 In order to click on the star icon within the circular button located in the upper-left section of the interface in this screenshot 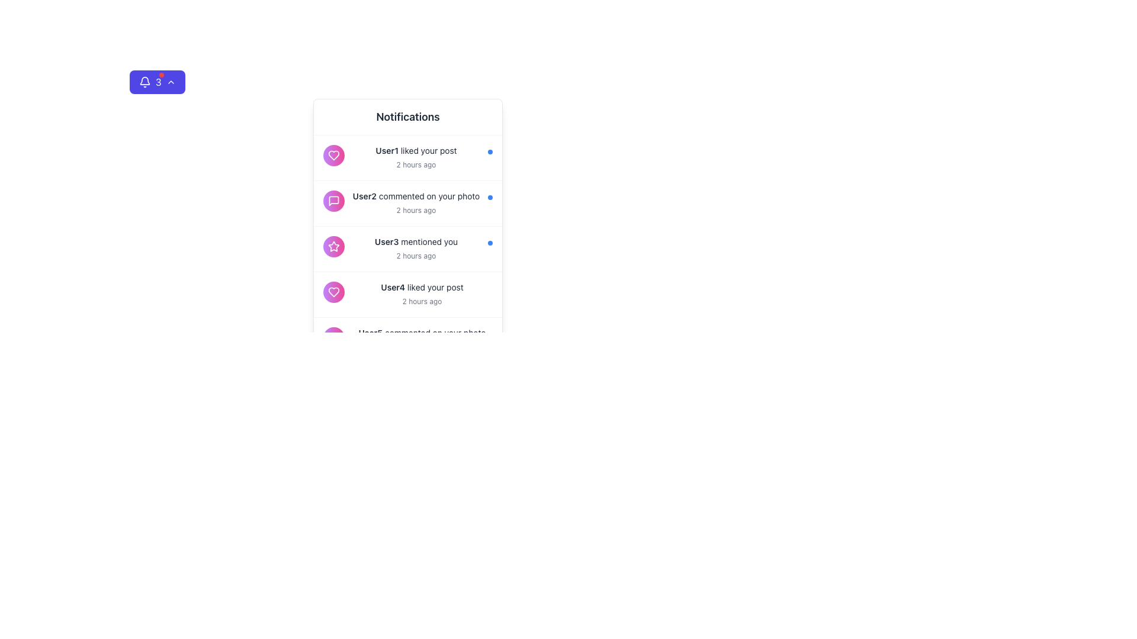, I will do `click(333, 246)`.